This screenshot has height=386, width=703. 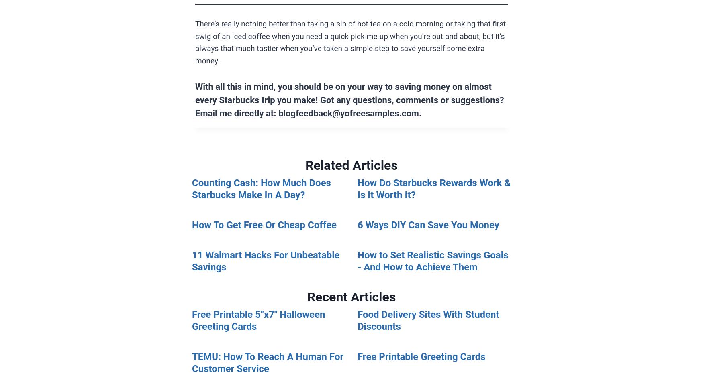 I want to click on 'TEMU: How To Reach A Human For Customer Service', so click(x=267, y=362).